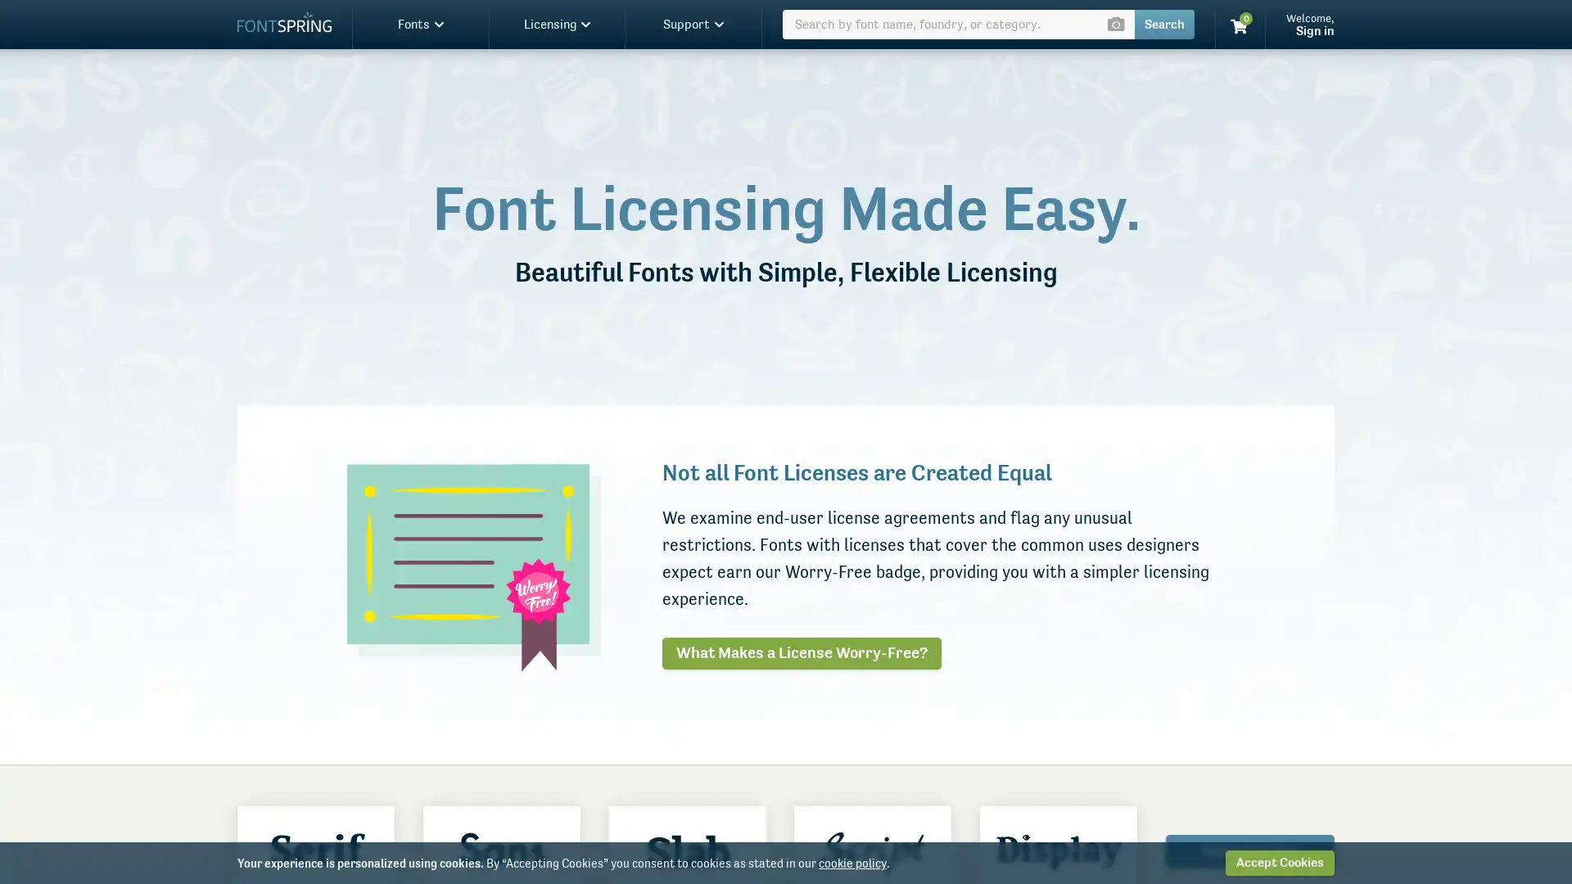 Image resolution: width=1572 pixels, height=884 pixels. Describe the element at coordinates (1279, 862) in the screenshot. I see `Accept Cookies` at that location.